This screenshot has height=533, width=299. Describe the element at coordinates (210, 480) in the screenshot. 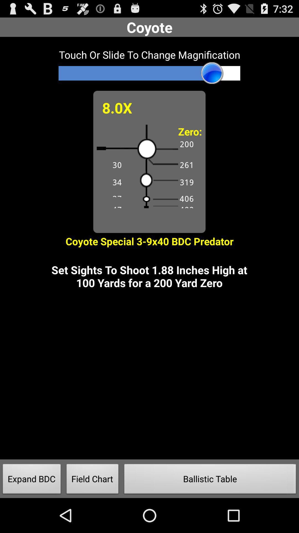

I see `the item to the right of the field chart` at that location.